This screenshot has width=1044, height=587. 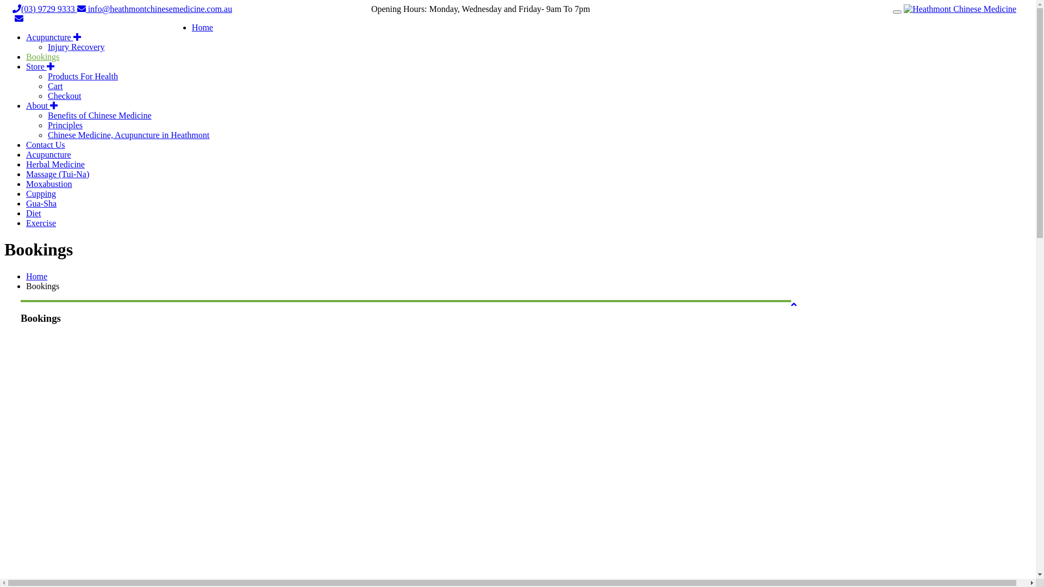 I want to click on 'info@heathmontchinesemedicine.com.au', so click(x=154, y=9).